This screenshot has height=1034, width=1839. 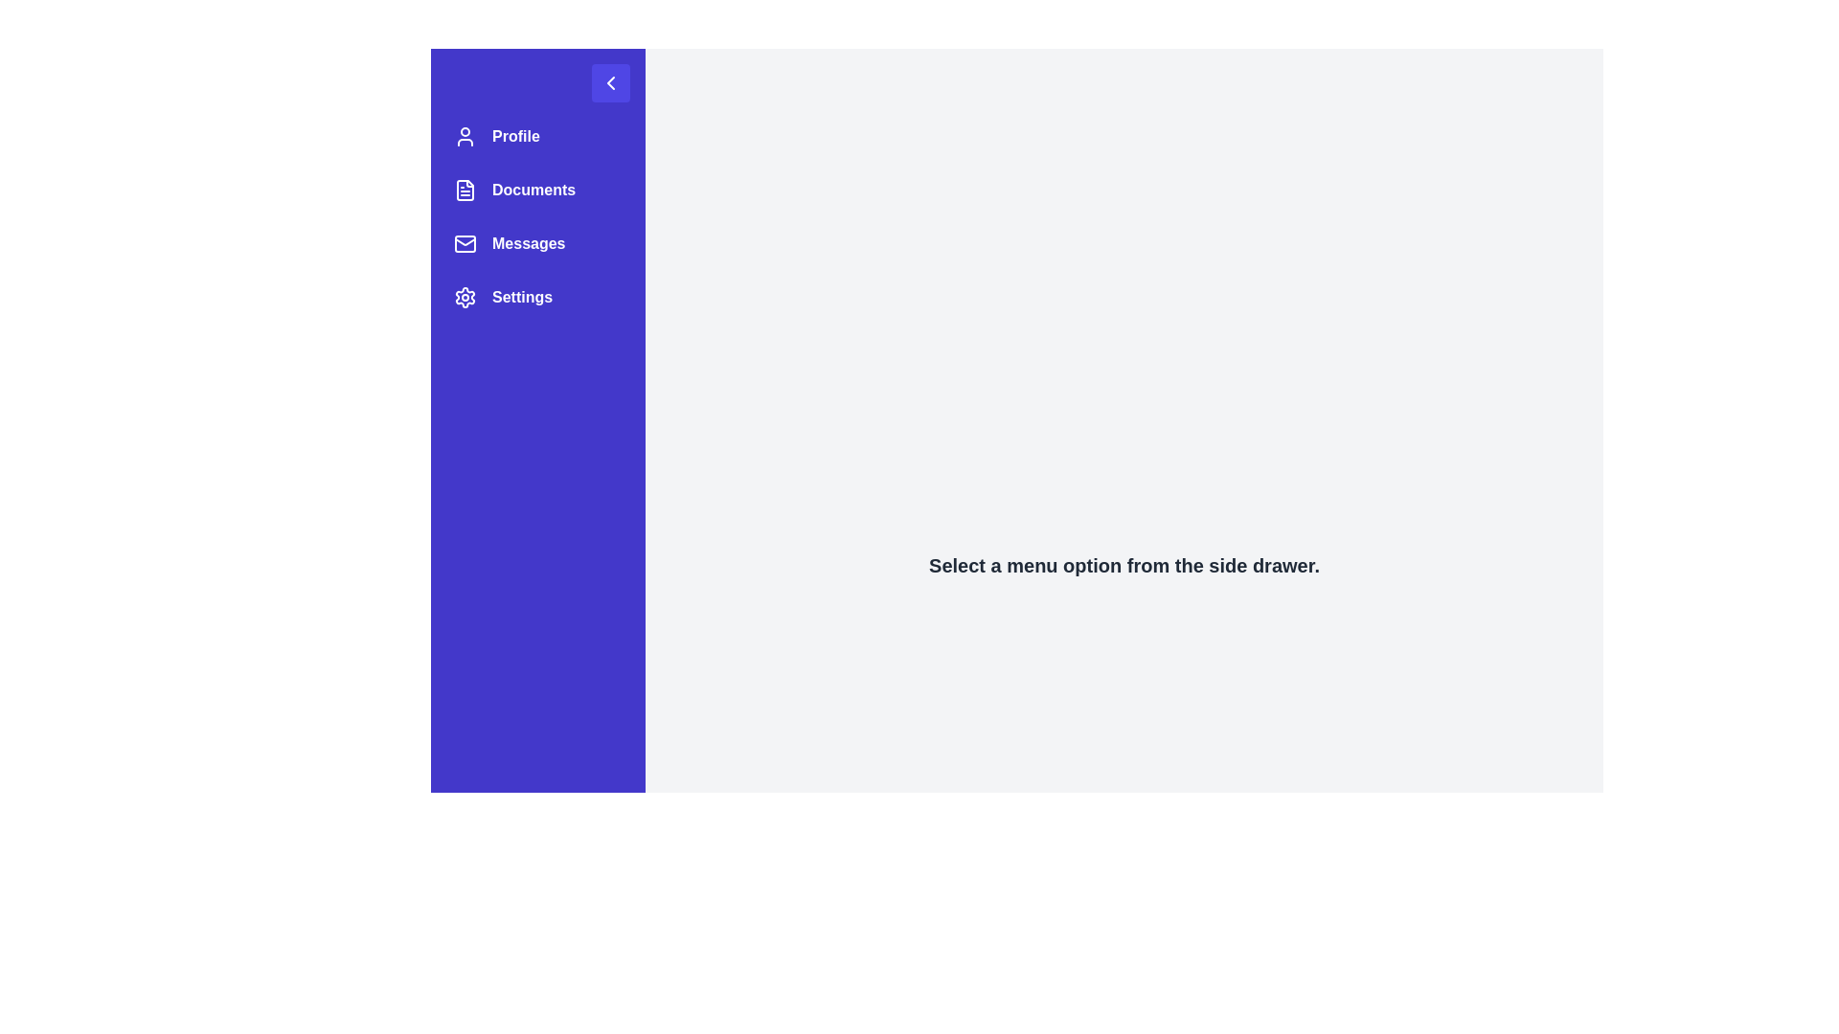 What do you see at coordinates (465, 298) in the screenshot?
I see `the gear icon in the settings option row of the vertical navigation menu on the left side` at bounding box center [465, 298].